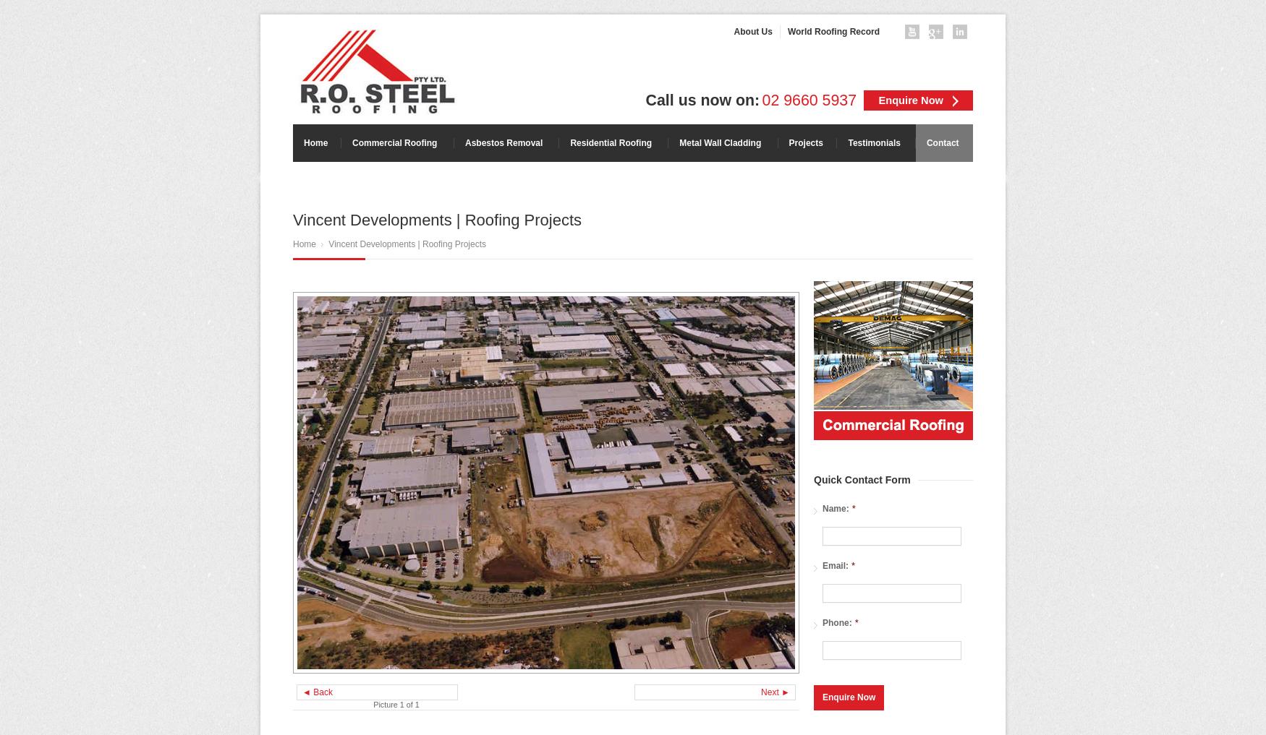 This screenshot has width=1266, height=735. What do you see at coordinates (760, 692) in the screenshot?
I see `'Next                    ►'` at bounding box center [760, 692].